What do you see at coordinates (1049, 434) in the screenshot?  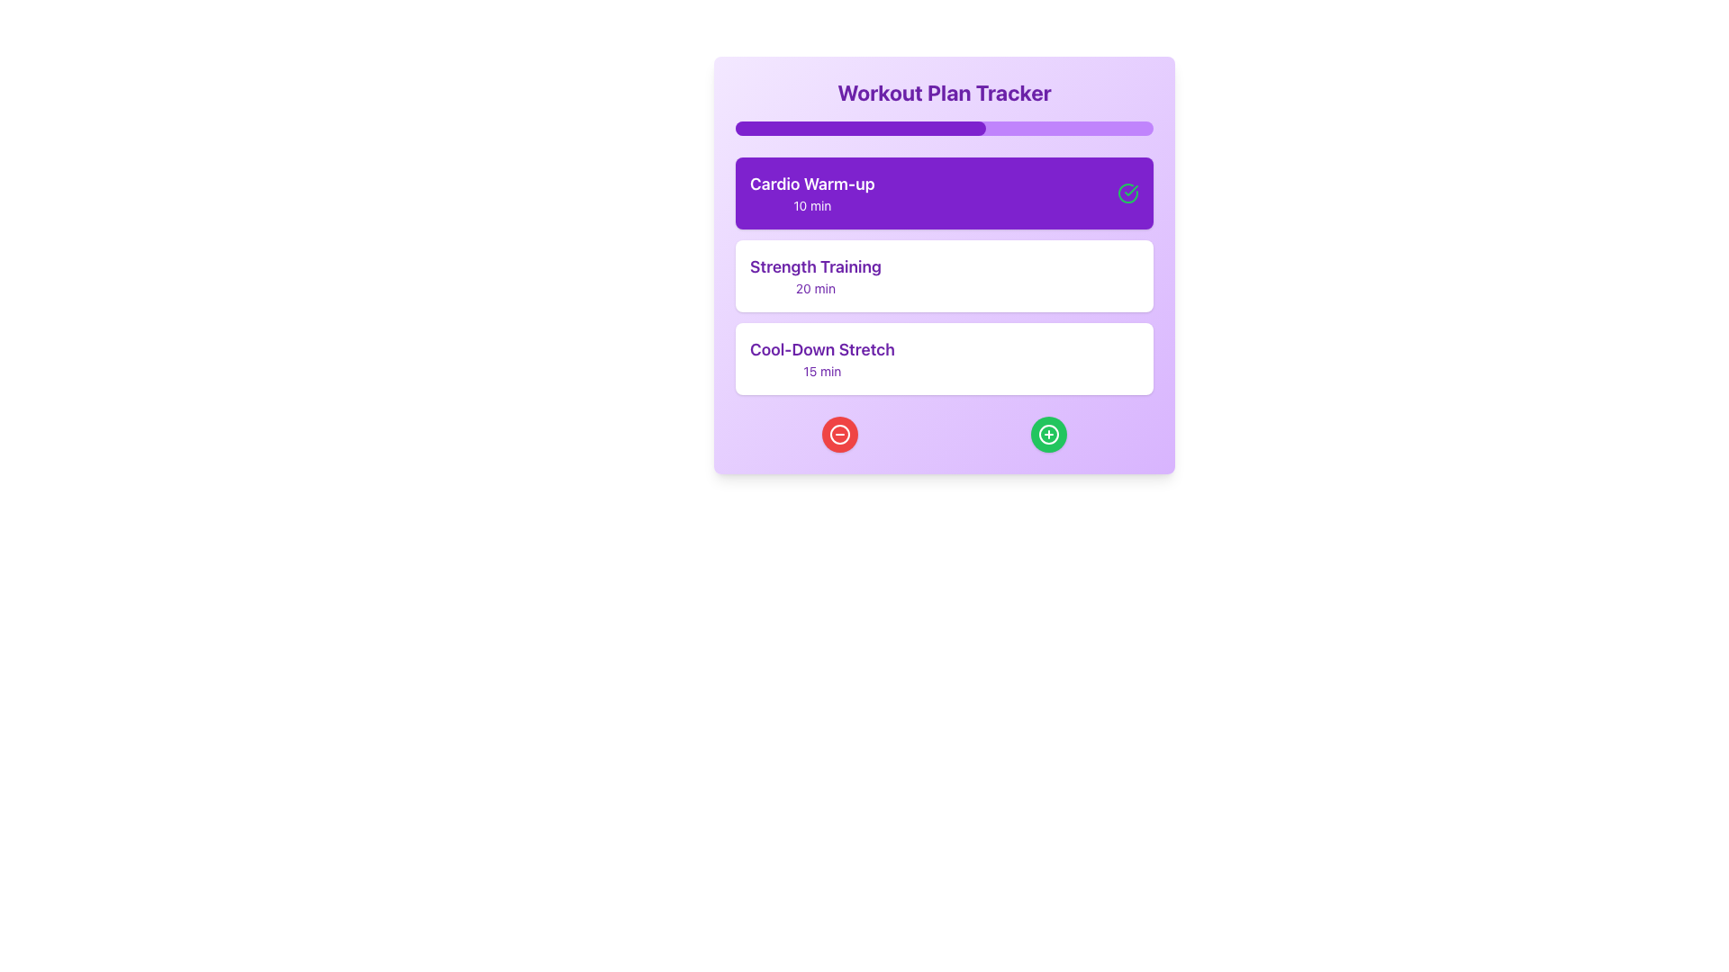 I see `the circular outline of the icon located at the bottom-right of the purple card interface, styled with a green stroke` at bounding box center [1049, 434].